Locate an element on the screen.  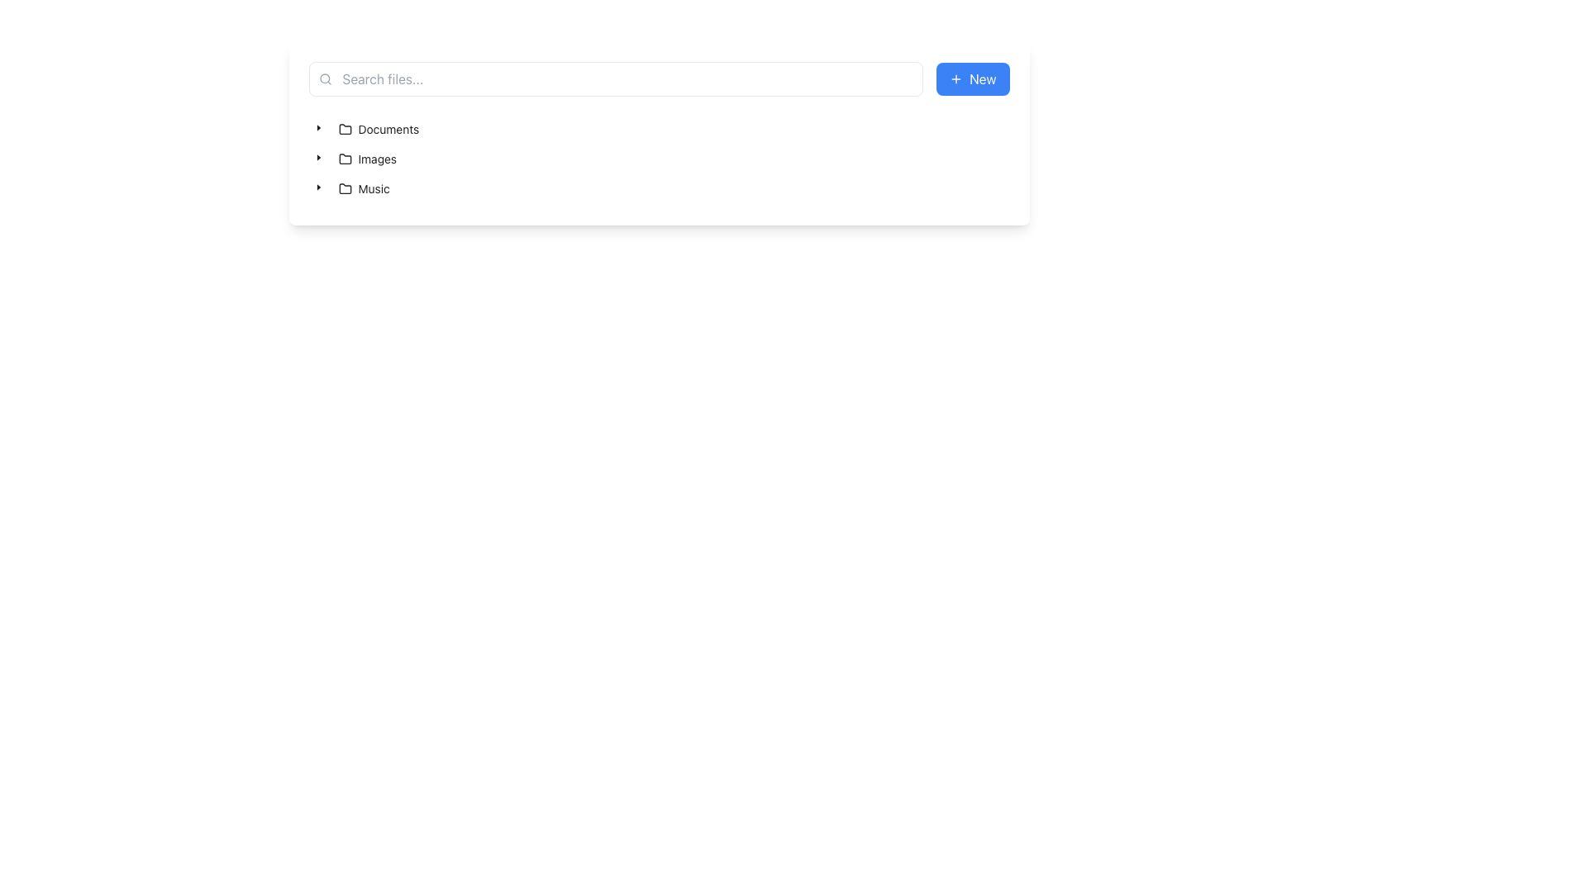
the 'Music' label with icon, which is the third item in the vertical list tree is located at coordinates (363, 187).